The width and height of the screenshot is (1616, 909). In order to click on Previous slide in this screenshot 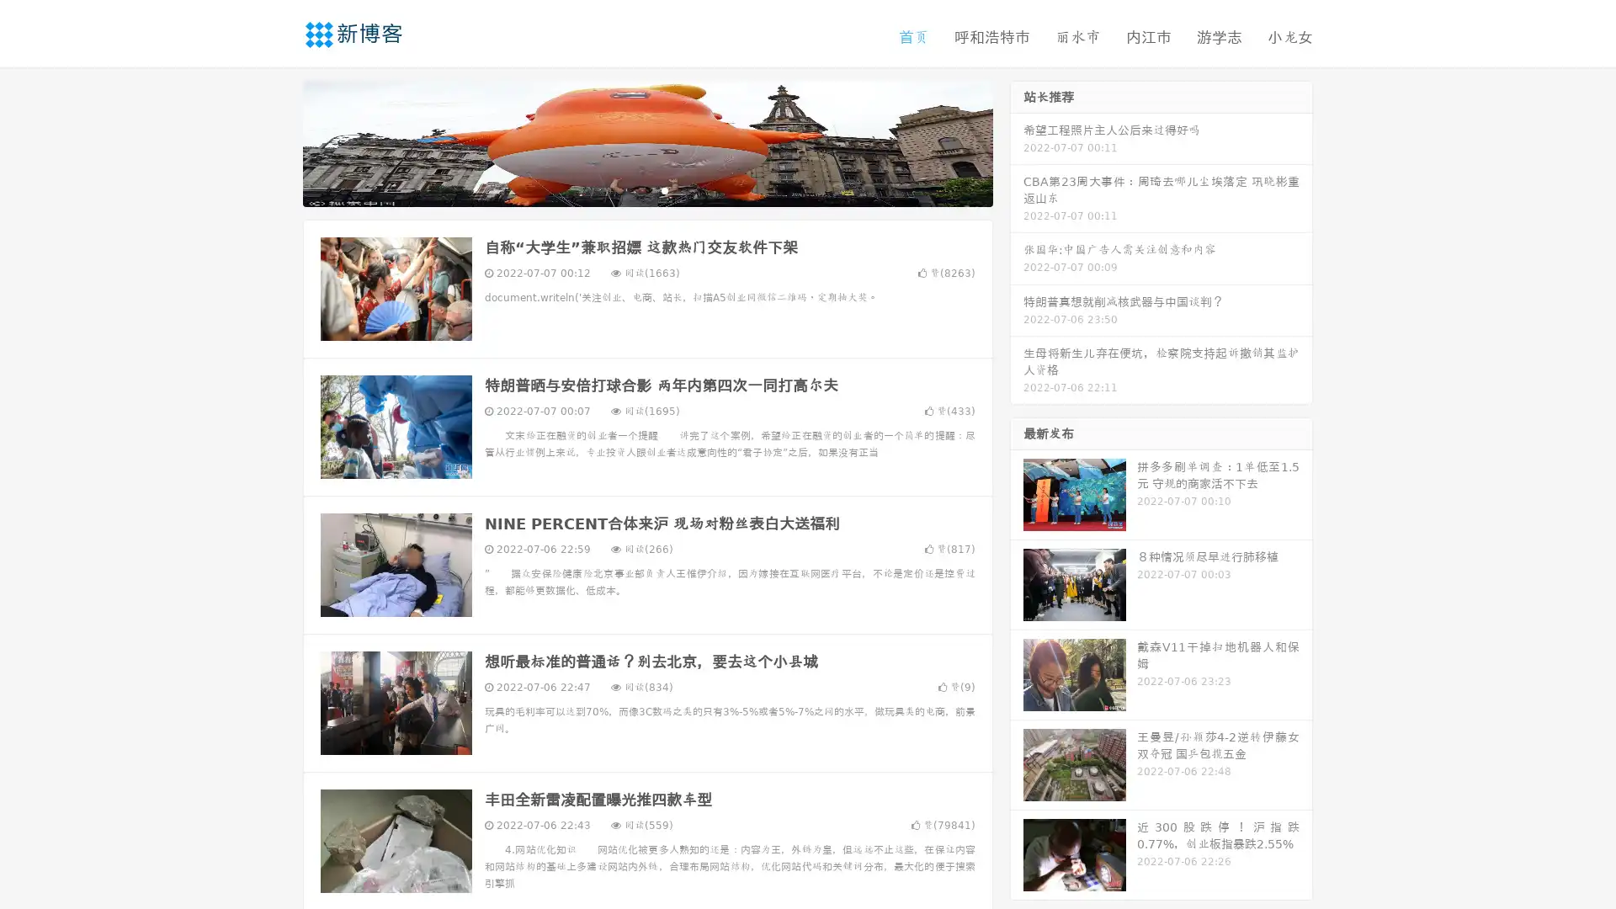, I will do `click(278, 141)`.